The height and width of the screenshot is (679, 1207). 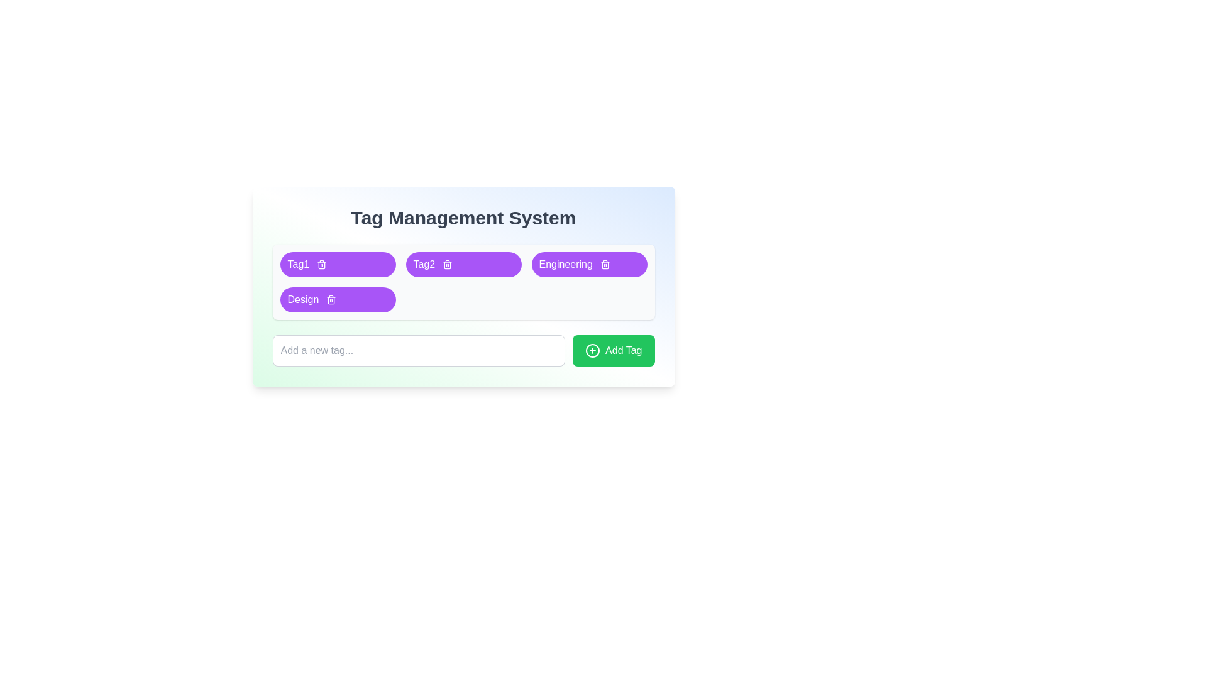 I want to click on the 'Engineering' tag, which is a pill-shaped label with a trash bin icon on the right, styled in vivid purple with white bold text, so click(x=588, y=263).